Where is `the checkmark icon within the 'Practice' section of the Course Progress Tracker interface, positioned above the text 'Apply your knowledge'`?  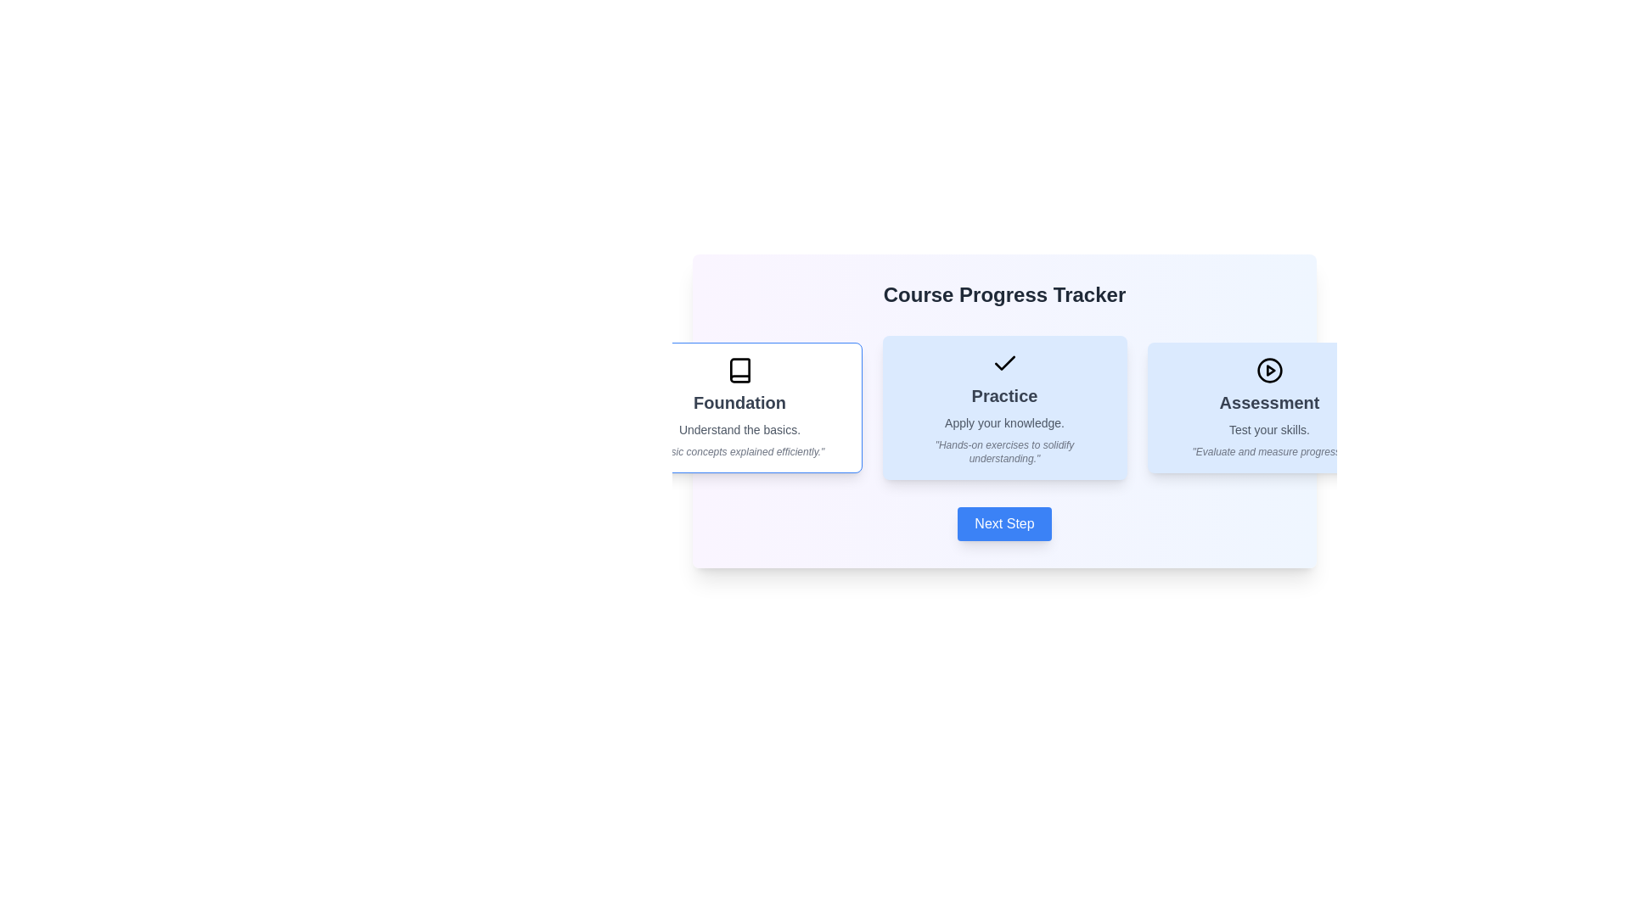 the checkmark icon within the 'Practice' section of the Course Progress Tracker interface, positioned above the text 'Apply your knowledge' is located at coordinates (1004, 362).